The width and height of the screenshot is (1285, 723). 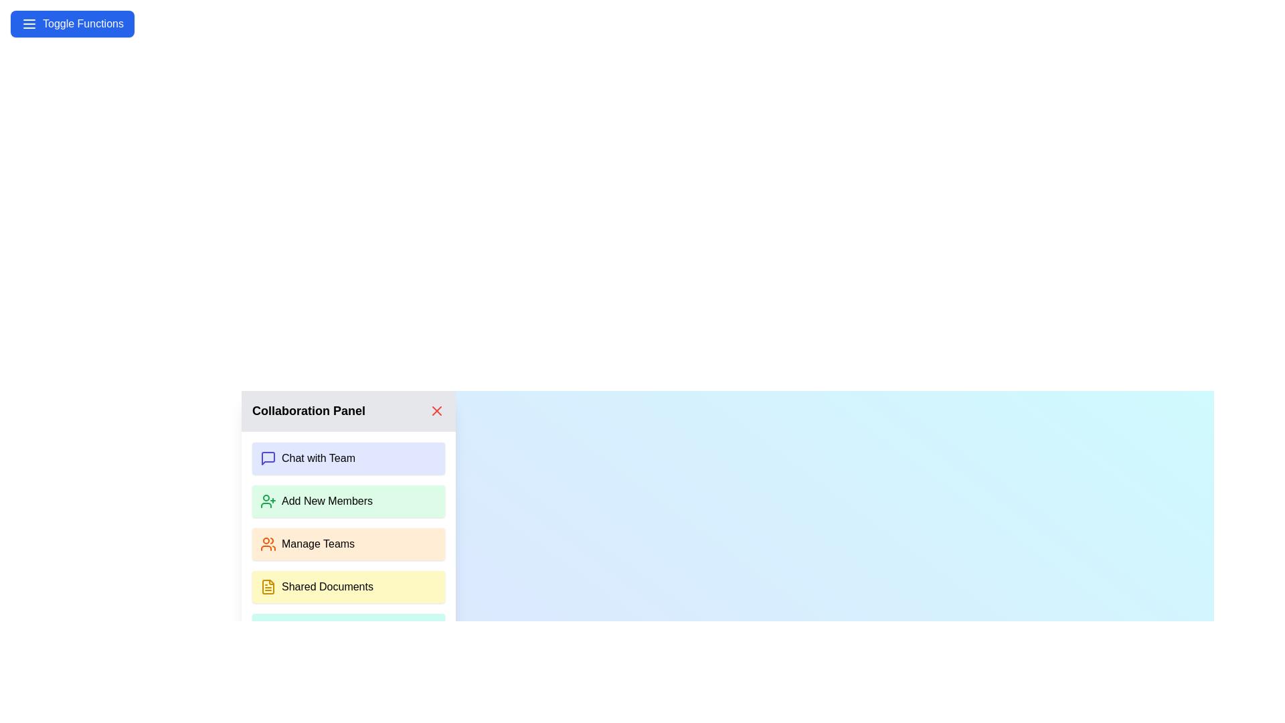 I want to click on keyboard navigation, so click(x=436, y=410).